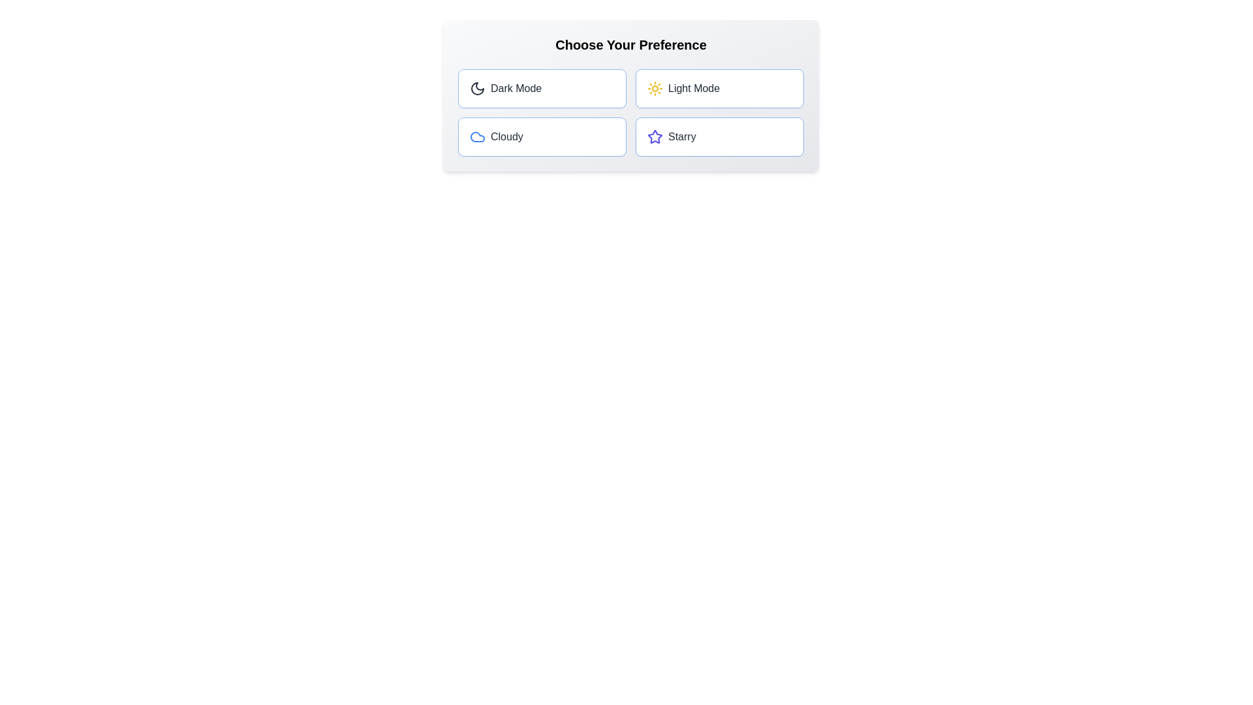 The image size is (1253, 705). Describe the element at coordinates (655, 88) in the screenshot. I see `the sun-shaped icon with a yellow hue located in the 'Light Mode' section` at that location.